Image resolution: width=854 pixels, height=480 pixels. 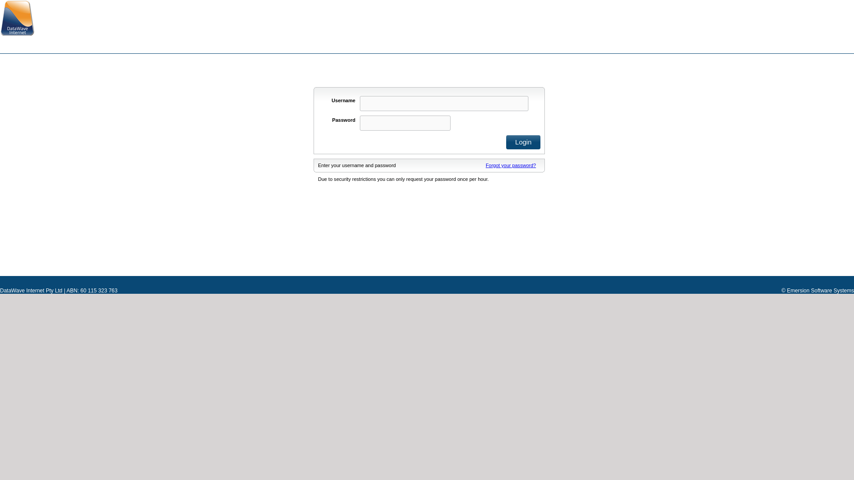 I want to click on 'Login', so click(x=523, y=142).